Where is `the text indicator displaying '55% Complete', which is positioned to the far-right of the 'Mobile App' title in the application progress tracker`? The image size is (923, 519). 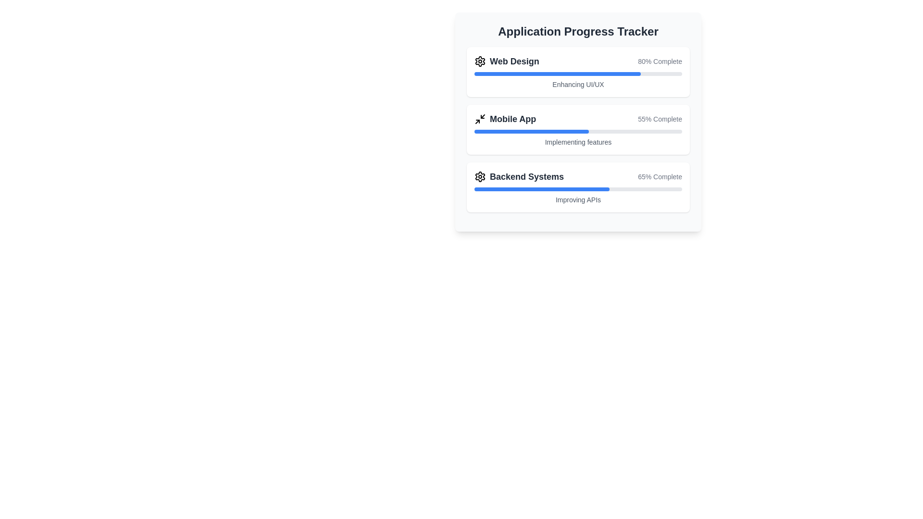
the text indicator displaying '55% Complete', which is positioned to the far-right of the 'Mobile App' title in the application progress tracker is located at coordinates (659, 118).